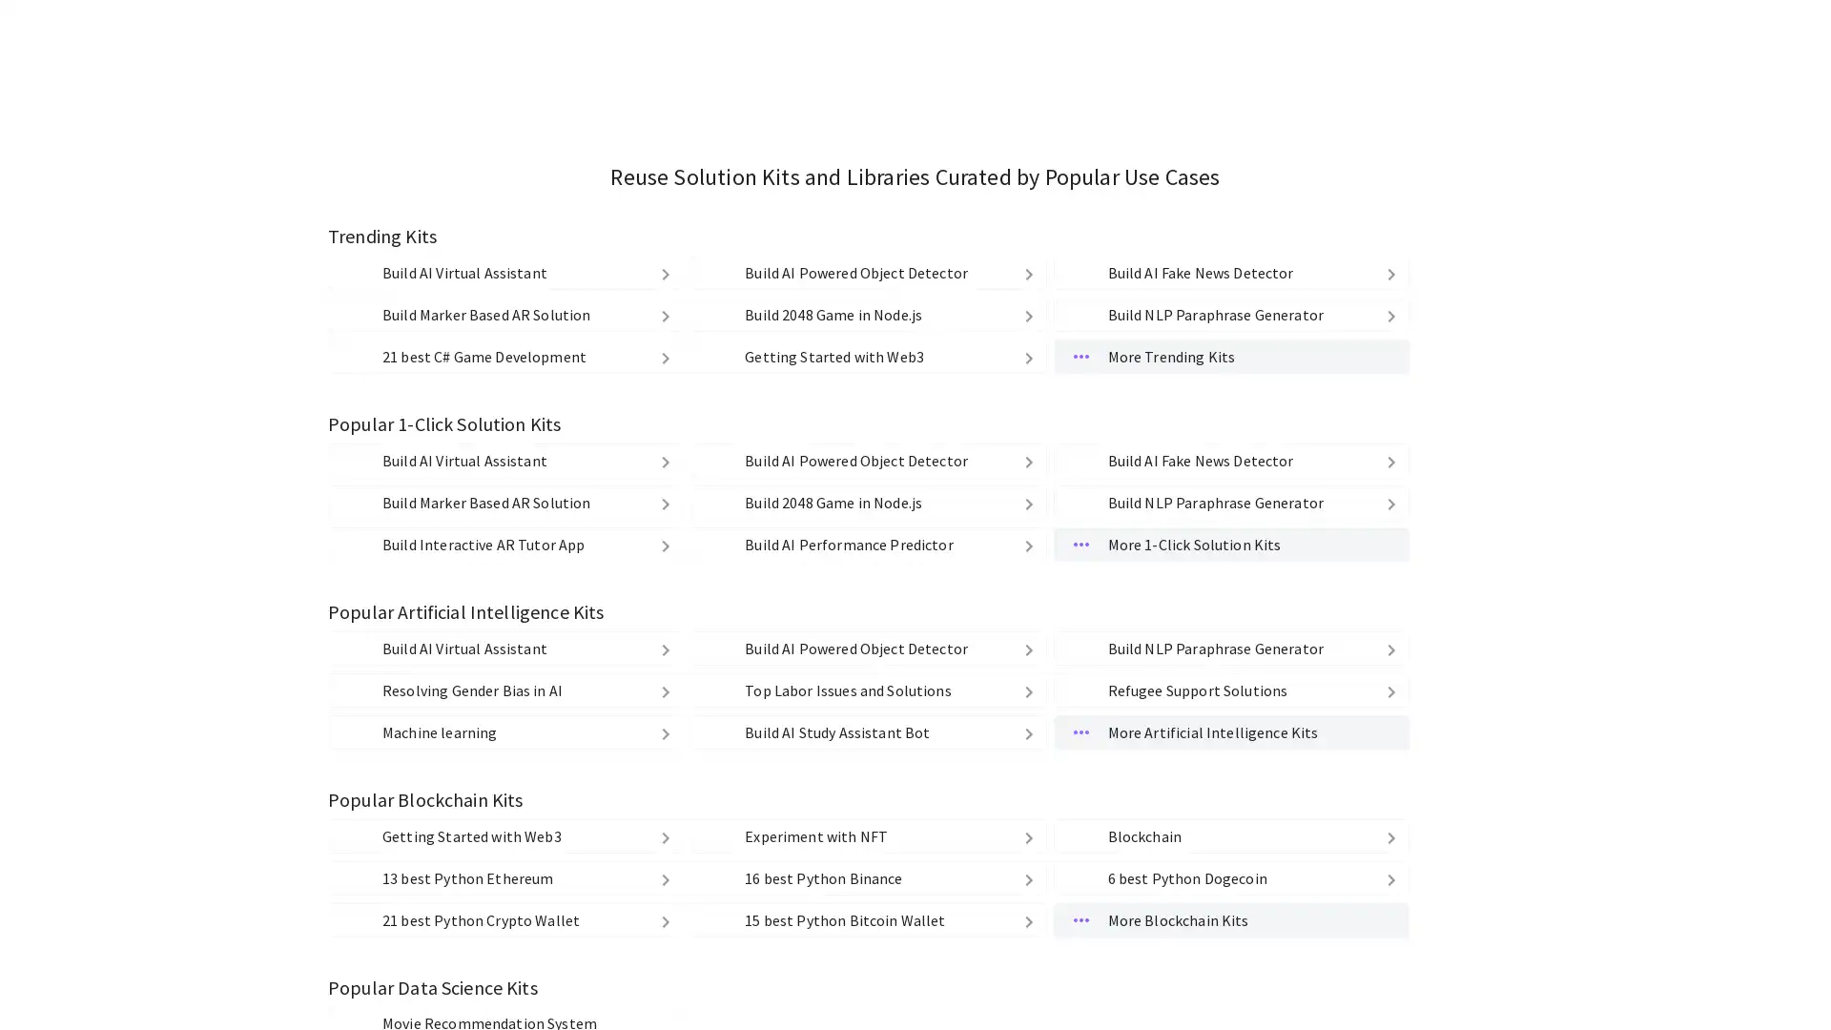 The height and width of the screenshot is (1030, 1831). What do you see at coordinates (1363, 940) in the screenshot?
I see `delete` at bounding box center [1363, 940].